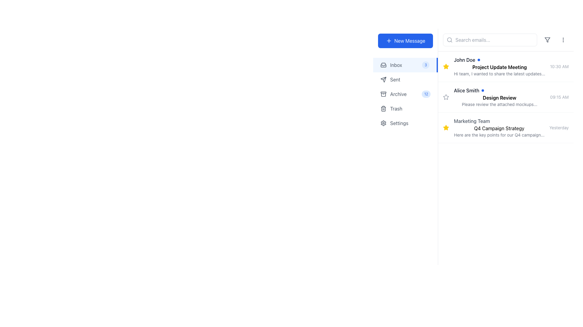 The width and height of the screenshot is (583, 327). What do you see at coordinates (506, 67) in the screenshot?
I see `the topmost email preview item featuring sender 'John Doe', subject 'Project Update Meeting', and a star icon` at bounding box center [506, 67].